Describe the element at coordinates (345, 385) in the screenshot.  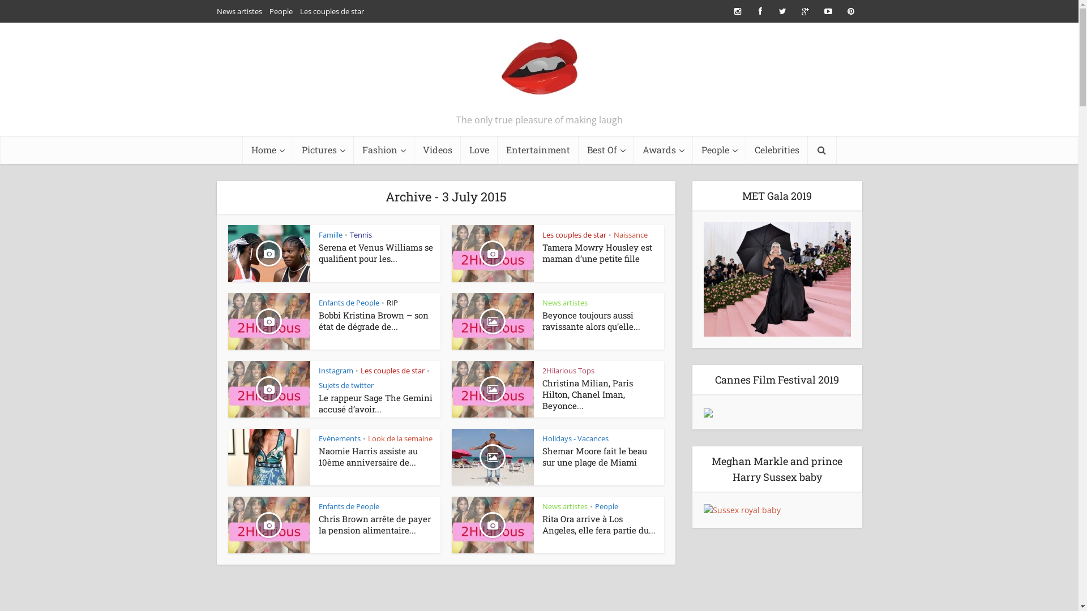
I see `'Sujets de twitter'` at that location.